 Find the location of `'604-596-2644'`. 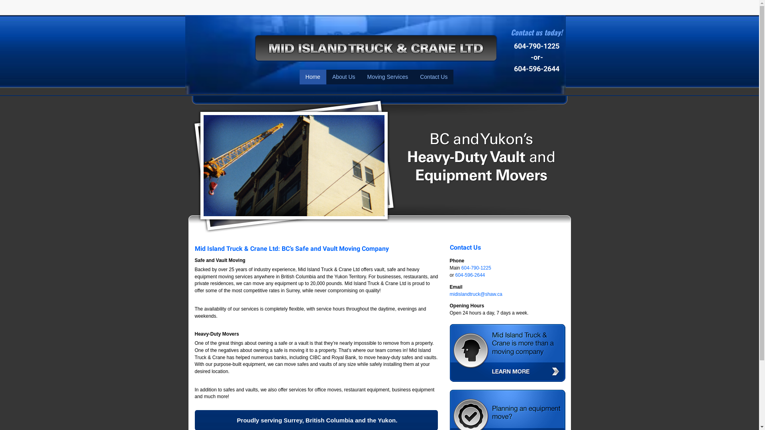

'604-596-2644' is located at coordinates (470, 274).